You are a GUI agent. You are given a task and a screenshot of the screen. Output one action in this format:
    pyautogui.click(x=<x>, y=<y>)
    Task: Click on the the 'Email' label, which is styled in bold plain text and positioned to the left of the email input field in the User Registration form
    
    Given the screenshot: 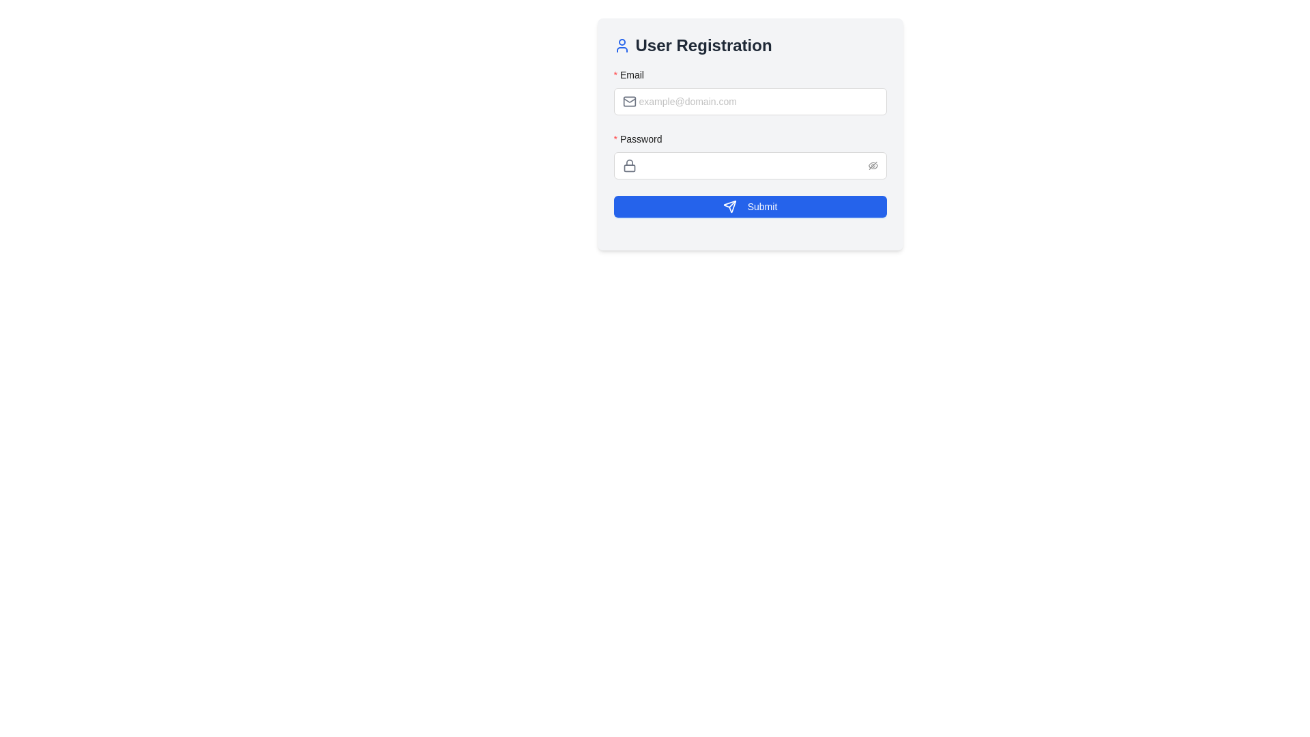 What is the action you would take?
    pyautogui.click(x=632, y=75)
    